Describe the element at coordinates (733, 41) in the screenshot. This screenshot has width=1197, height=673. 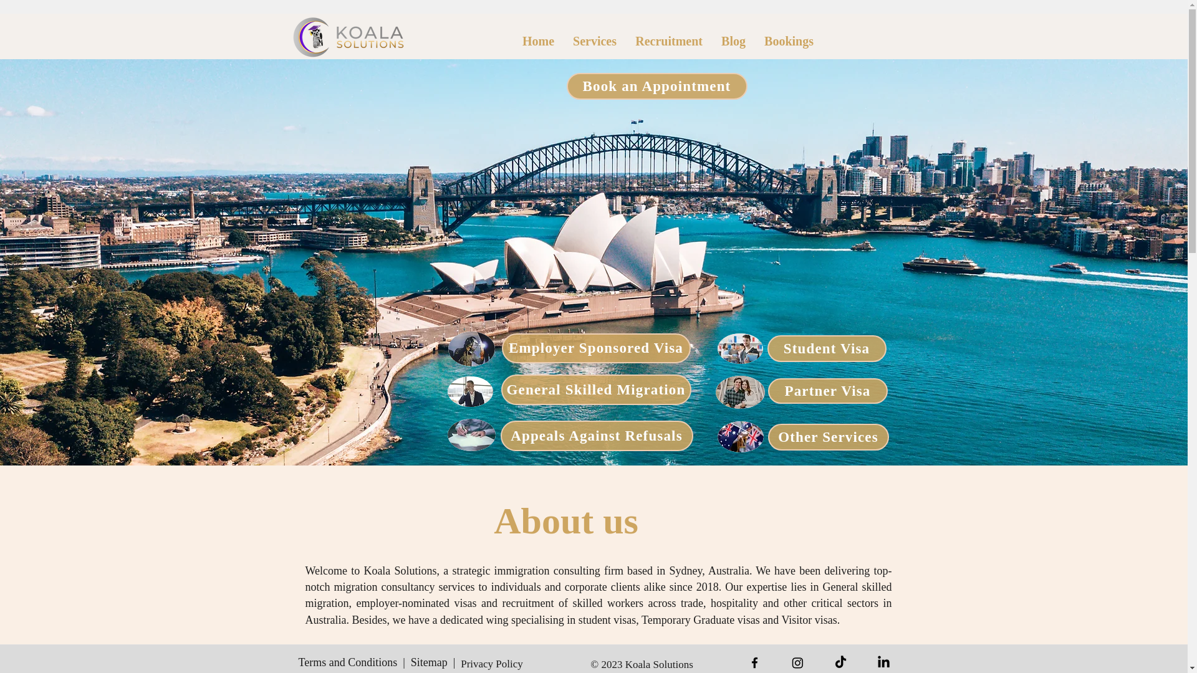
I see `'Blog'` at that location.